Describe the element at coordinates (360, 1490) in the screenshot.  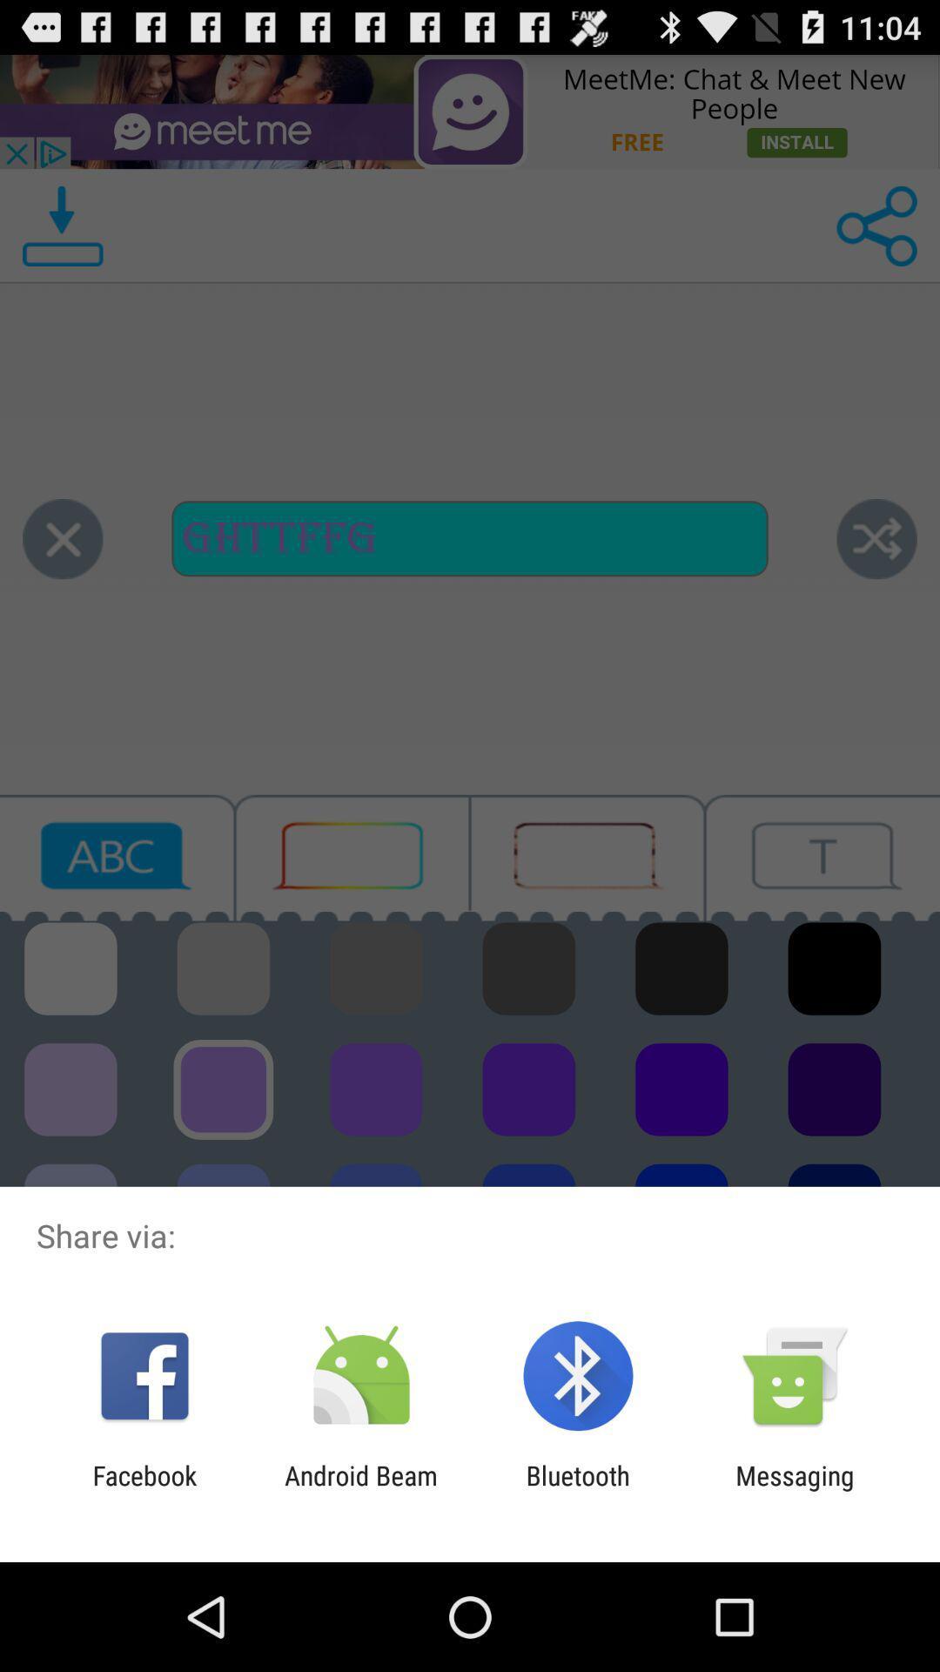
I see `android beam app` at that location.